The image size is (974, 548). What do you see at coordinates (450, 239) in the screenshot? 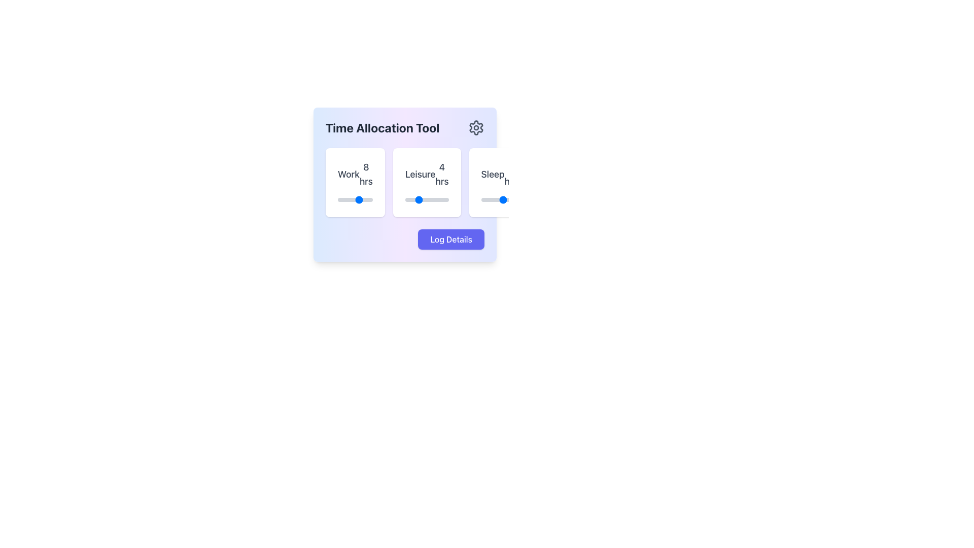
I see `the 'Log Details' button with rounded corners, which is located in the lower-right area of the 'Time Allocation Tool' card` at bounding box center [450, 239].